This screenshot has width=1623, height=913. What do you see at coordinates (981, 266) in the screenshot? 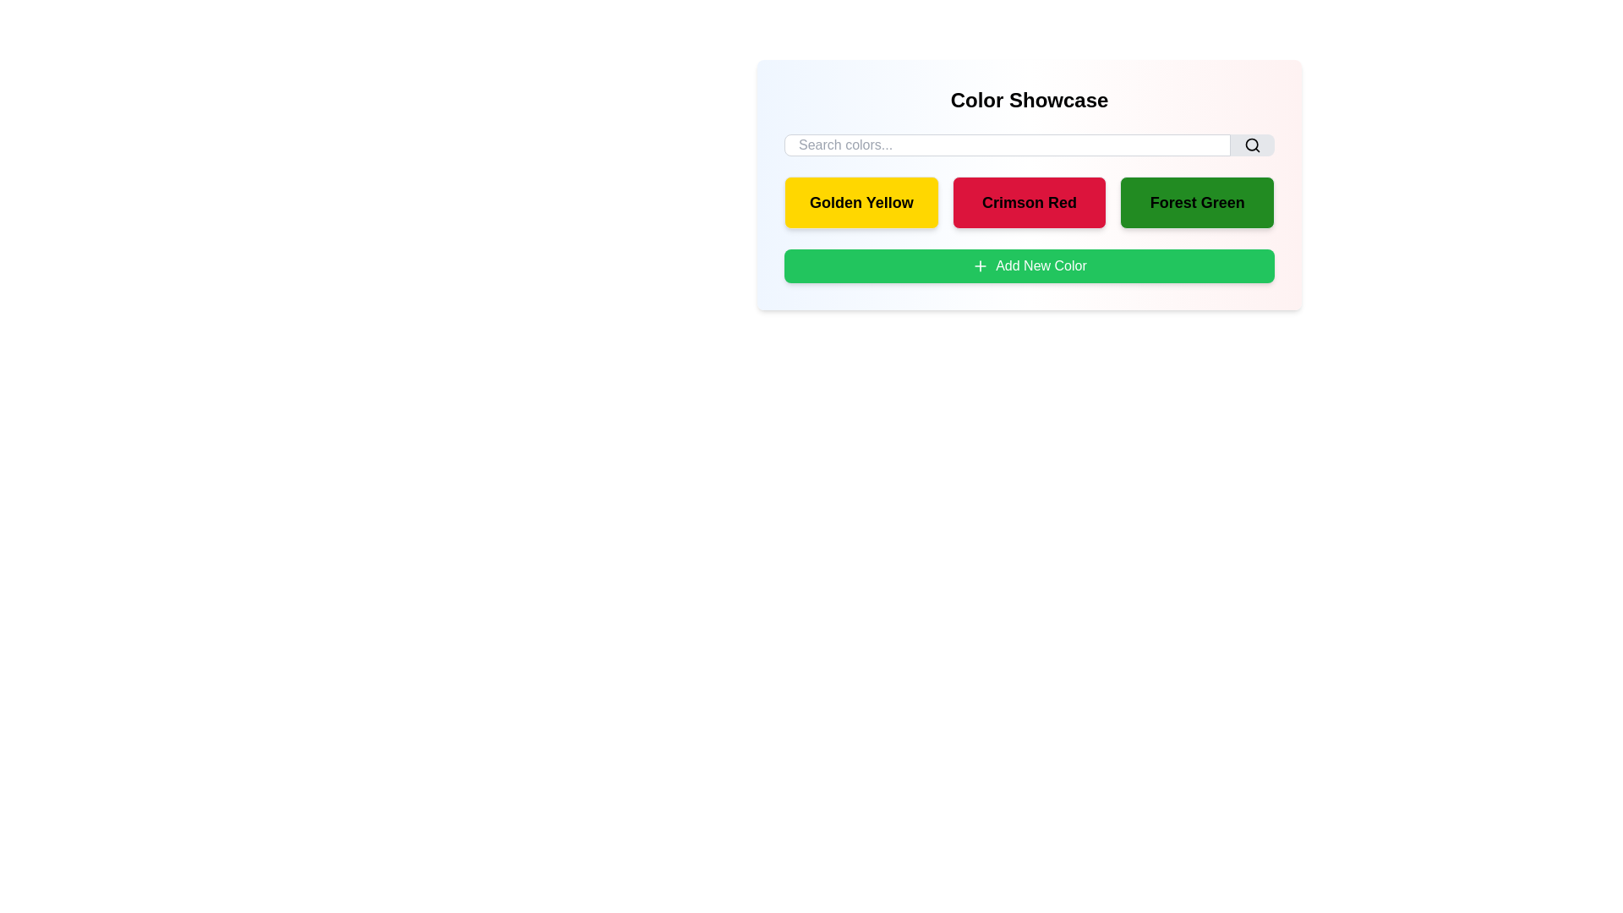
I see `the SVG icon inside the green button labeled 'Add New Color' to initiate the add action` at bounding box center [981, 266].